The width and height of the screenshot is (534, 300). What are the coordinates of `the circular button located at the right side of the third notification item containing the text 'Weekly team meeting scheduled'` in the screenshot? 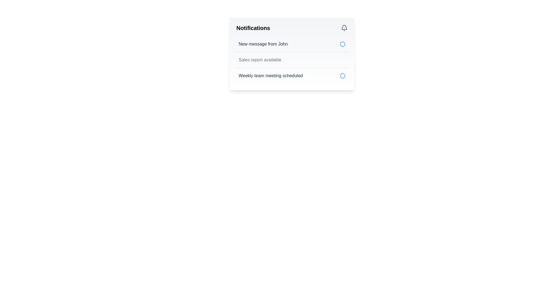 It's located at (342, 76).